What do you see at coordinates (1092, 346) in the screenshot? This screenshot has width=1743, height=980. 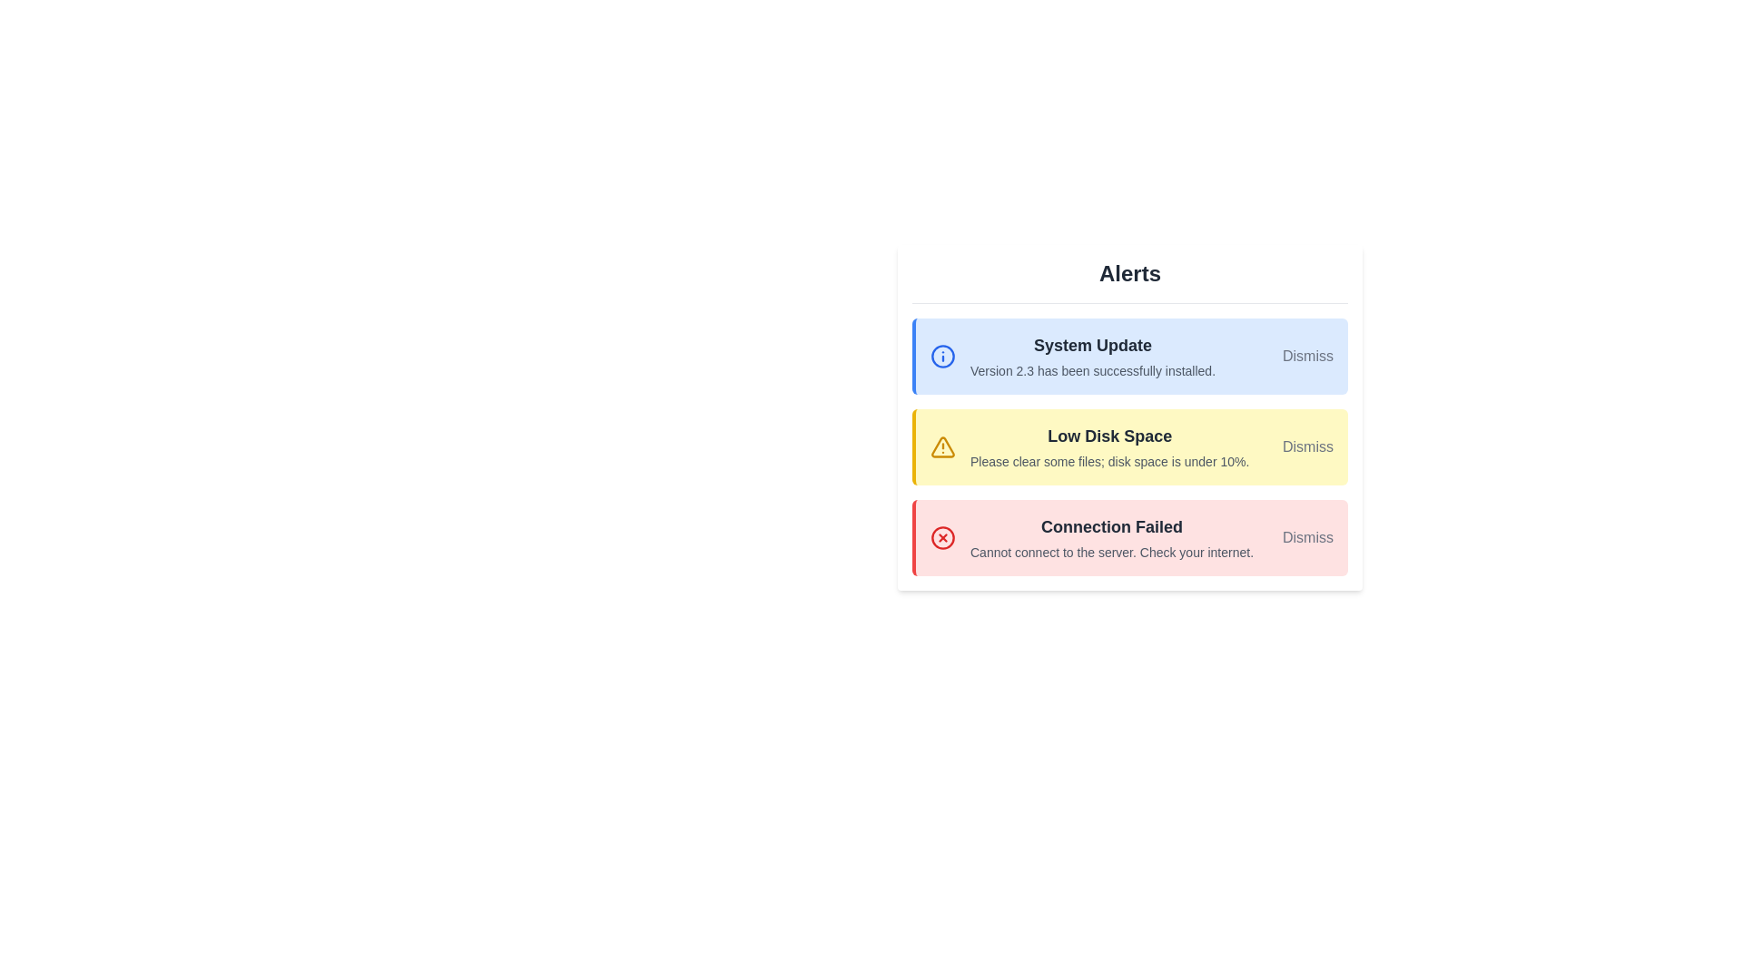 I see `text of the title label indicating 'System Update' located in the upper part of the interface within a light blue box` at bounding box center [1092, 346].